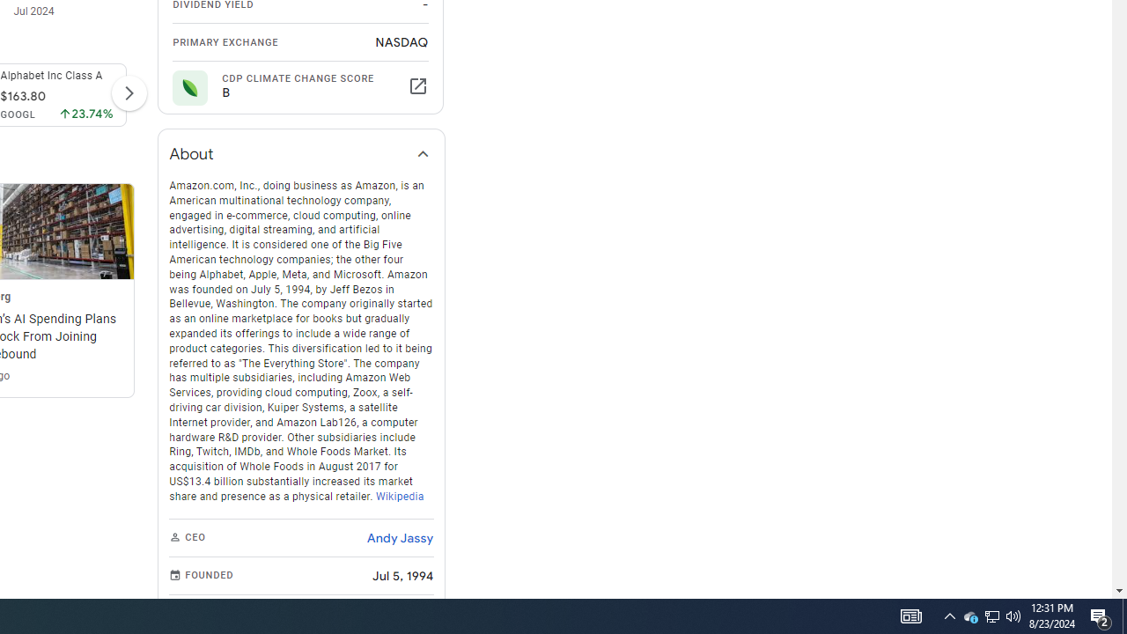 The width and height of the screenshot is (1127, 634). Describe the element at coordinates (399, 496) in the screenshot. I see `'Wikipedia'` at that location.